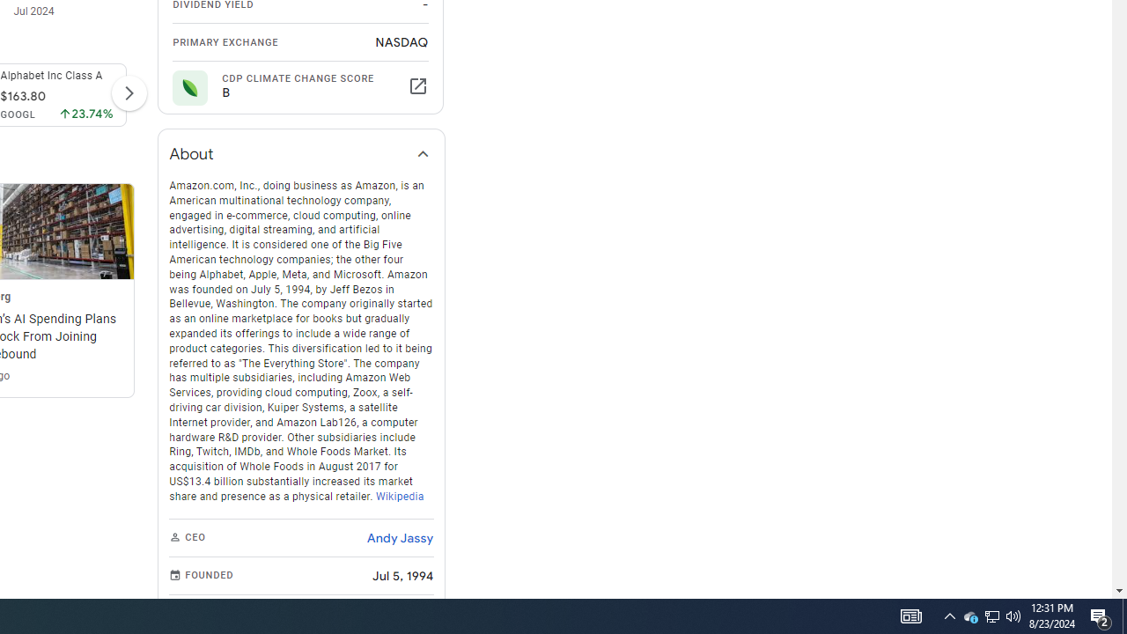 The width and height of the screenshot is (1127, 634). Describe the element at coordinates (399, 496) in the screenshot. I see `'Wikipedia'` at that location.